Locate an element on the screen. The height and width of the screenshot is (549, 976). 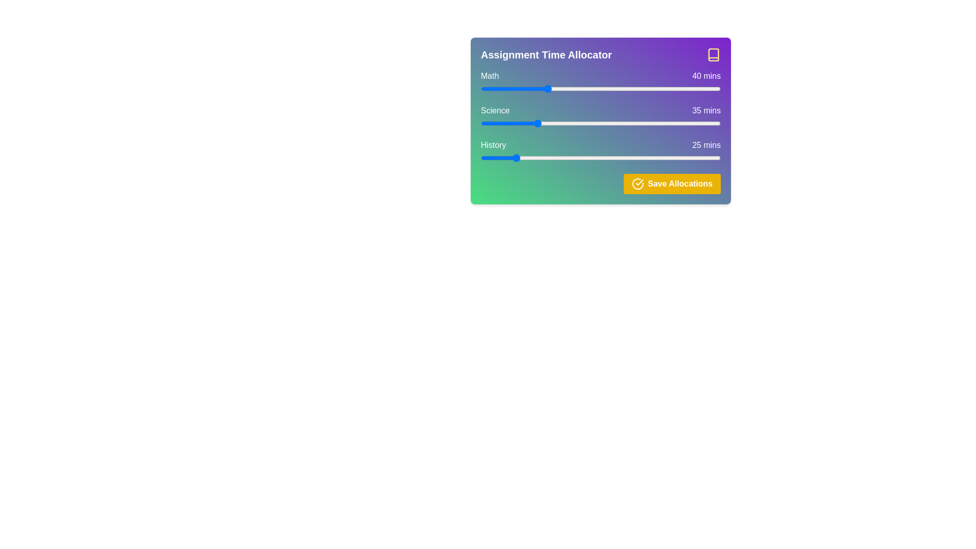
the slider for 'Math' is located at coordinates (520, 88).